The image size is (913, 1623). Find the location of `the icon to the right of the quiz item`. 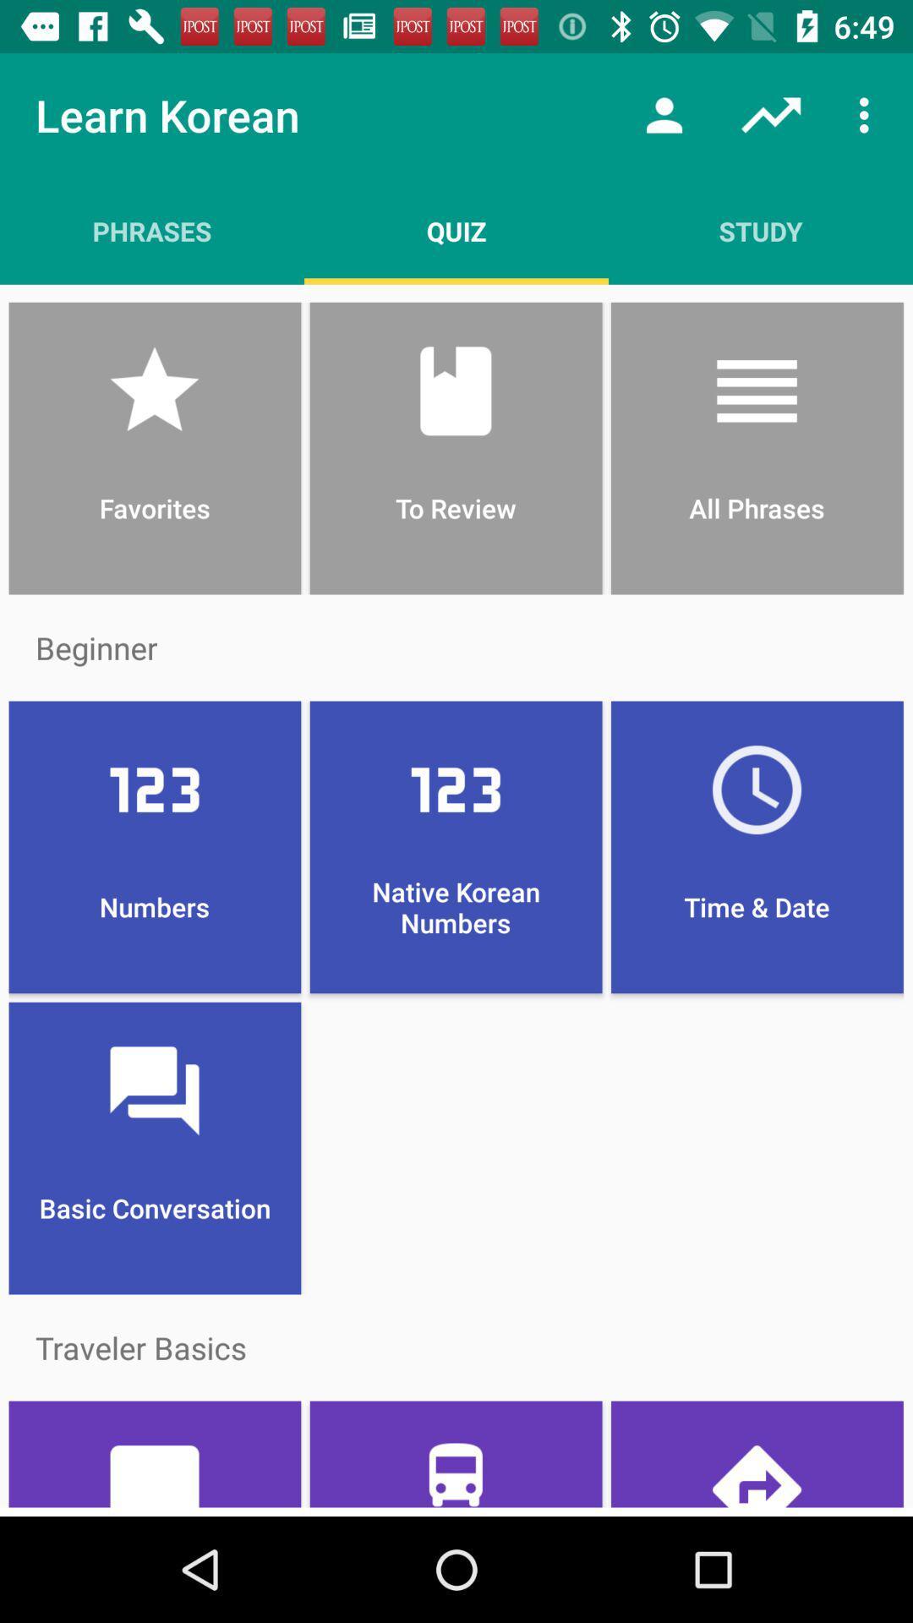

the icon to the right of the quiz item is located at coordinates (759, 230).